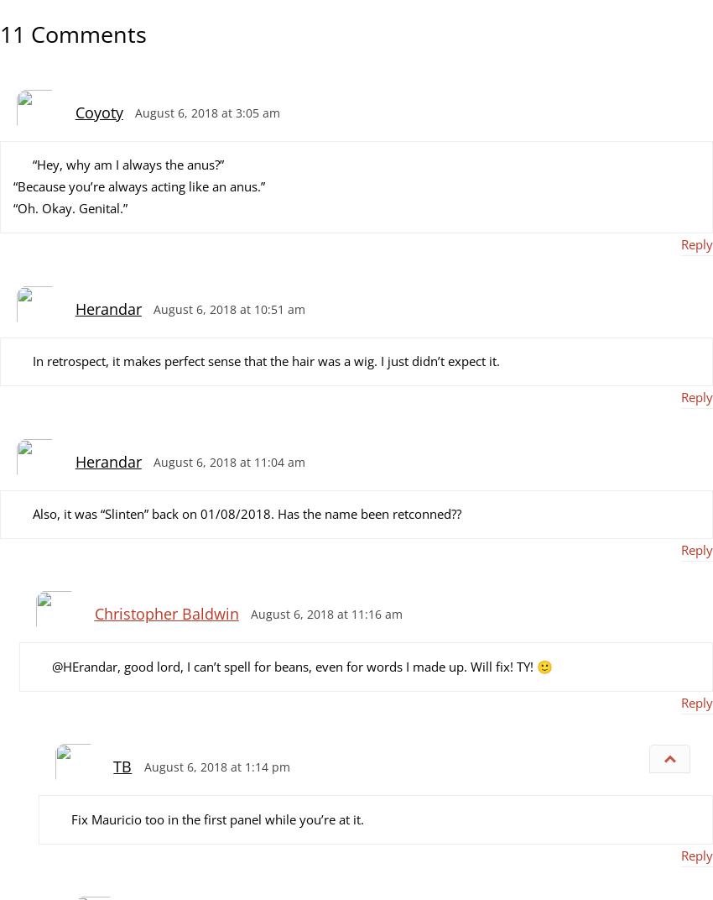 This screenshot has height=900, width=713. Describe the element at coordinates (97, 112) in the screenshot. I see `'Coyoty'` at that location.